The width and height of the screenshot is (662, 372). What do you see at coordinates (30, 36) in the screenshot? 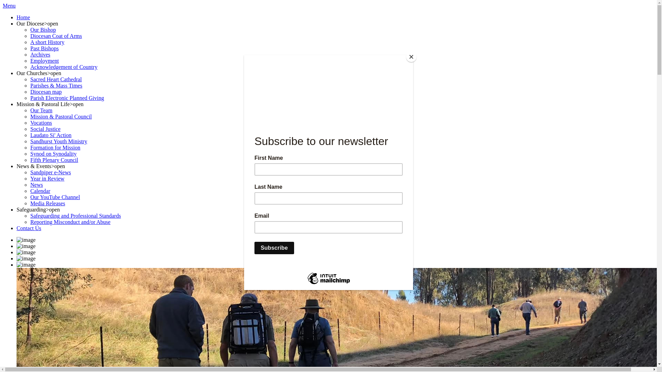
I see `'Diocesan Coat of Arms'` at bounding box center [30, 36].